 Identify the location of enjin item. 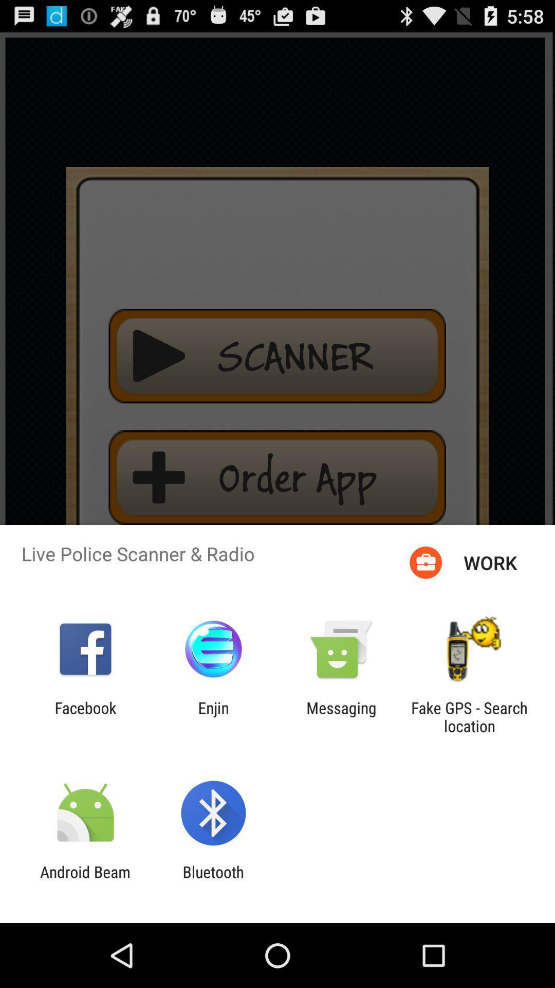
(213, 716).